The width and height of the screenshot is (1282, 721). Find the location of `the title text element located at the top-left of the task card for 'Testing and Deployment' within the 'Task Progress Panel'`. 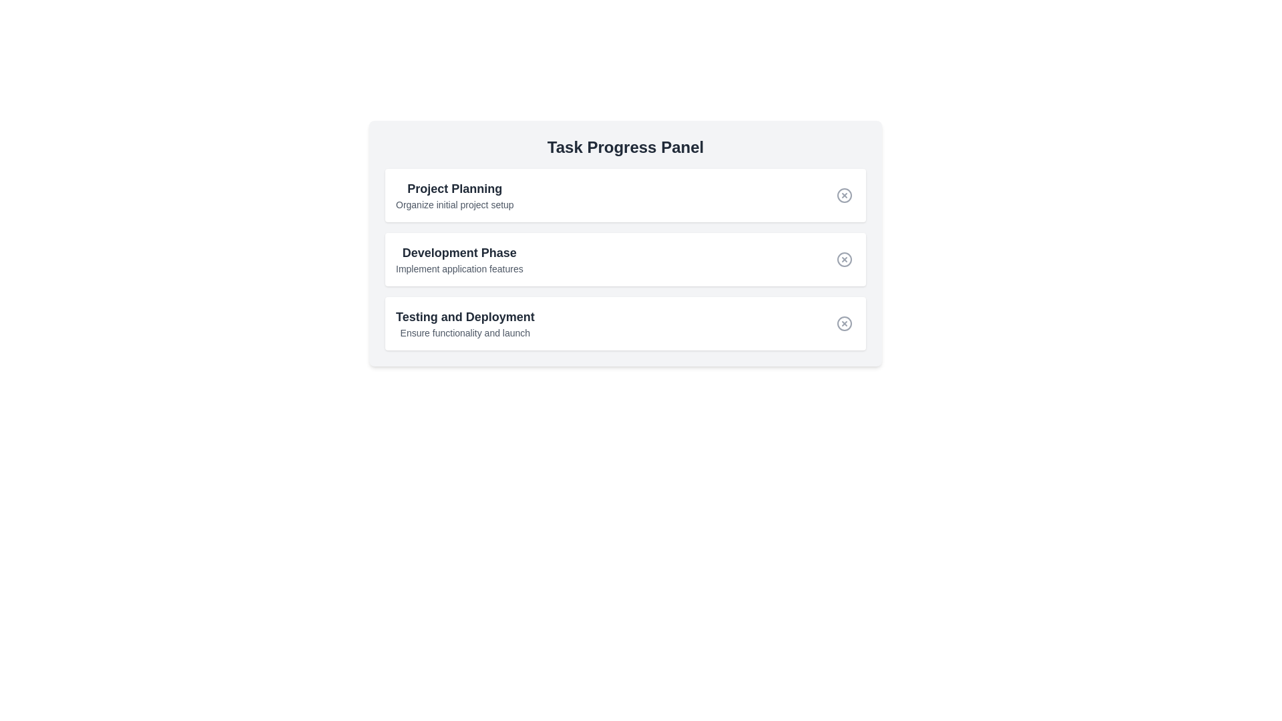

the title text element located at the top-left of the task card for 'Testing and Deployment' within the 'Task Progress Panel' is located at coordinates (465, 316).